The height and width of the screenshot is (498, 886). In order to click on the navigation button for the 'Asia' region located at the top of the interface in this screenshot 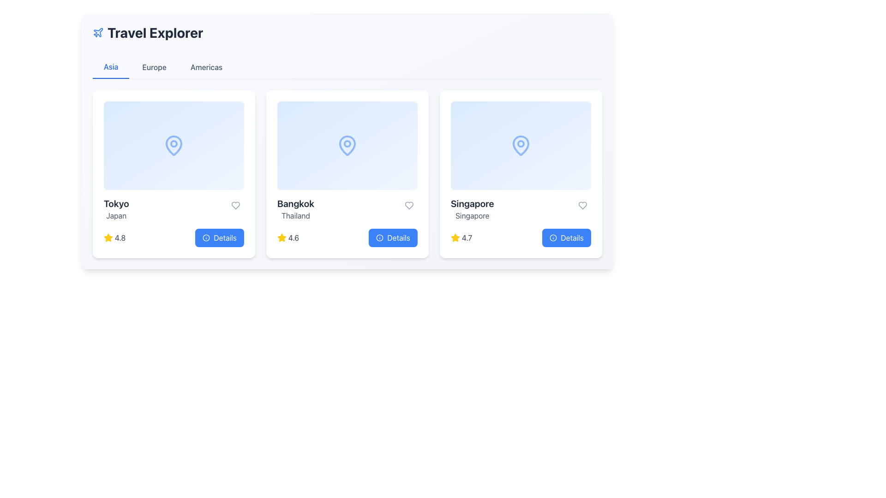, I will do `click(111, 67)`.